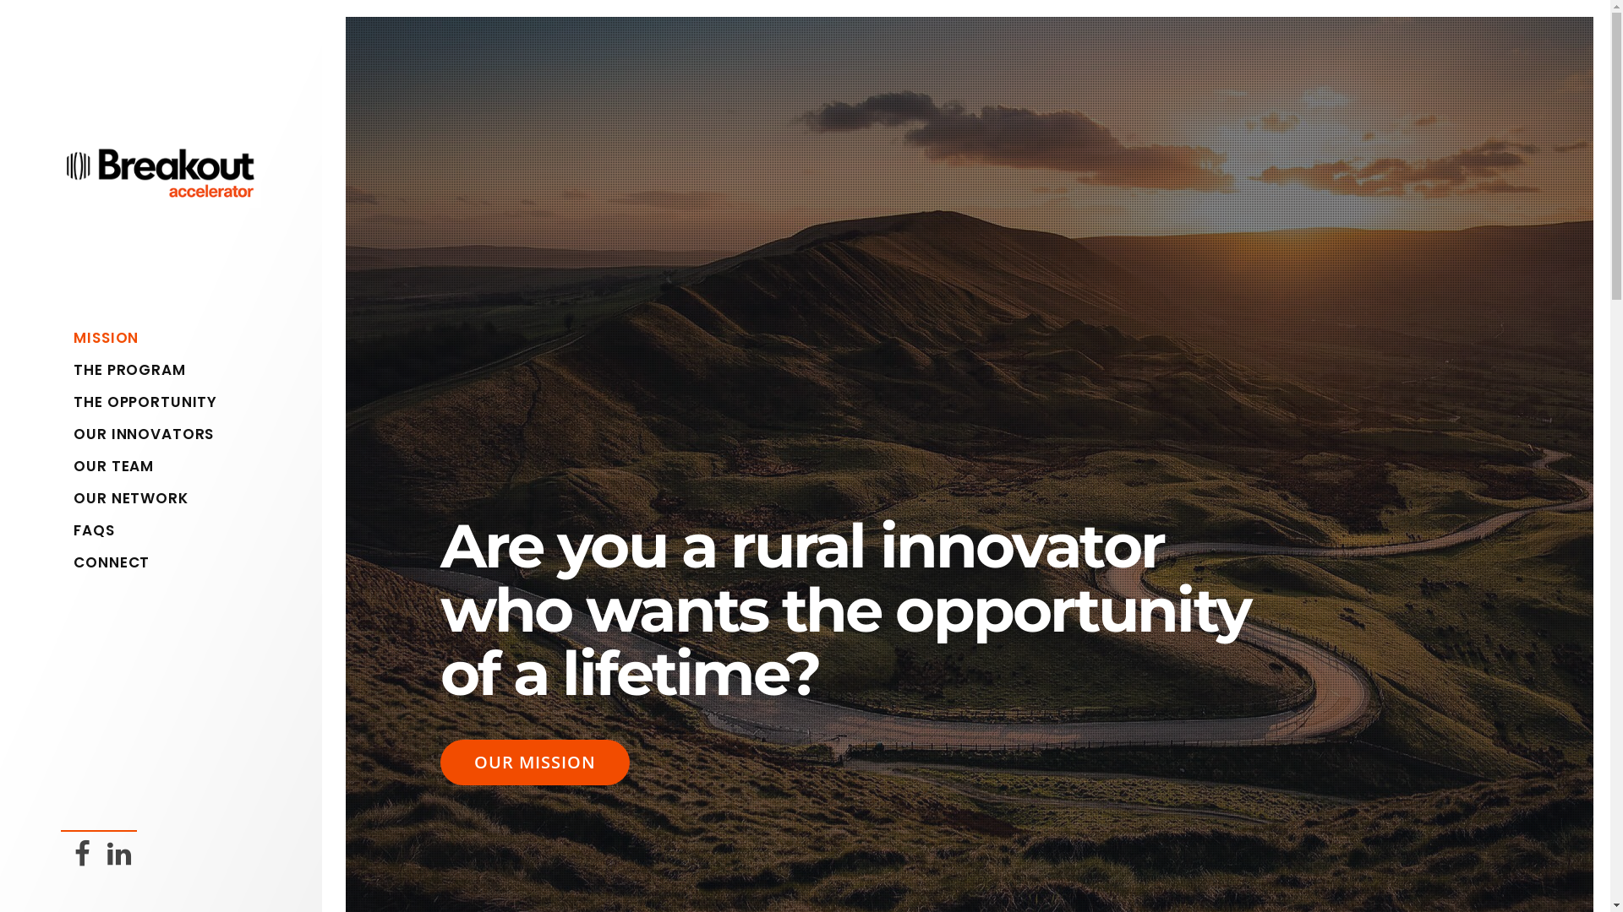 The image size is (1623, 912). What do you see at coordinates (167, 432) in the screenshot?
I see `'OUR INNOVATORS'` at bounding box center [167, 432].